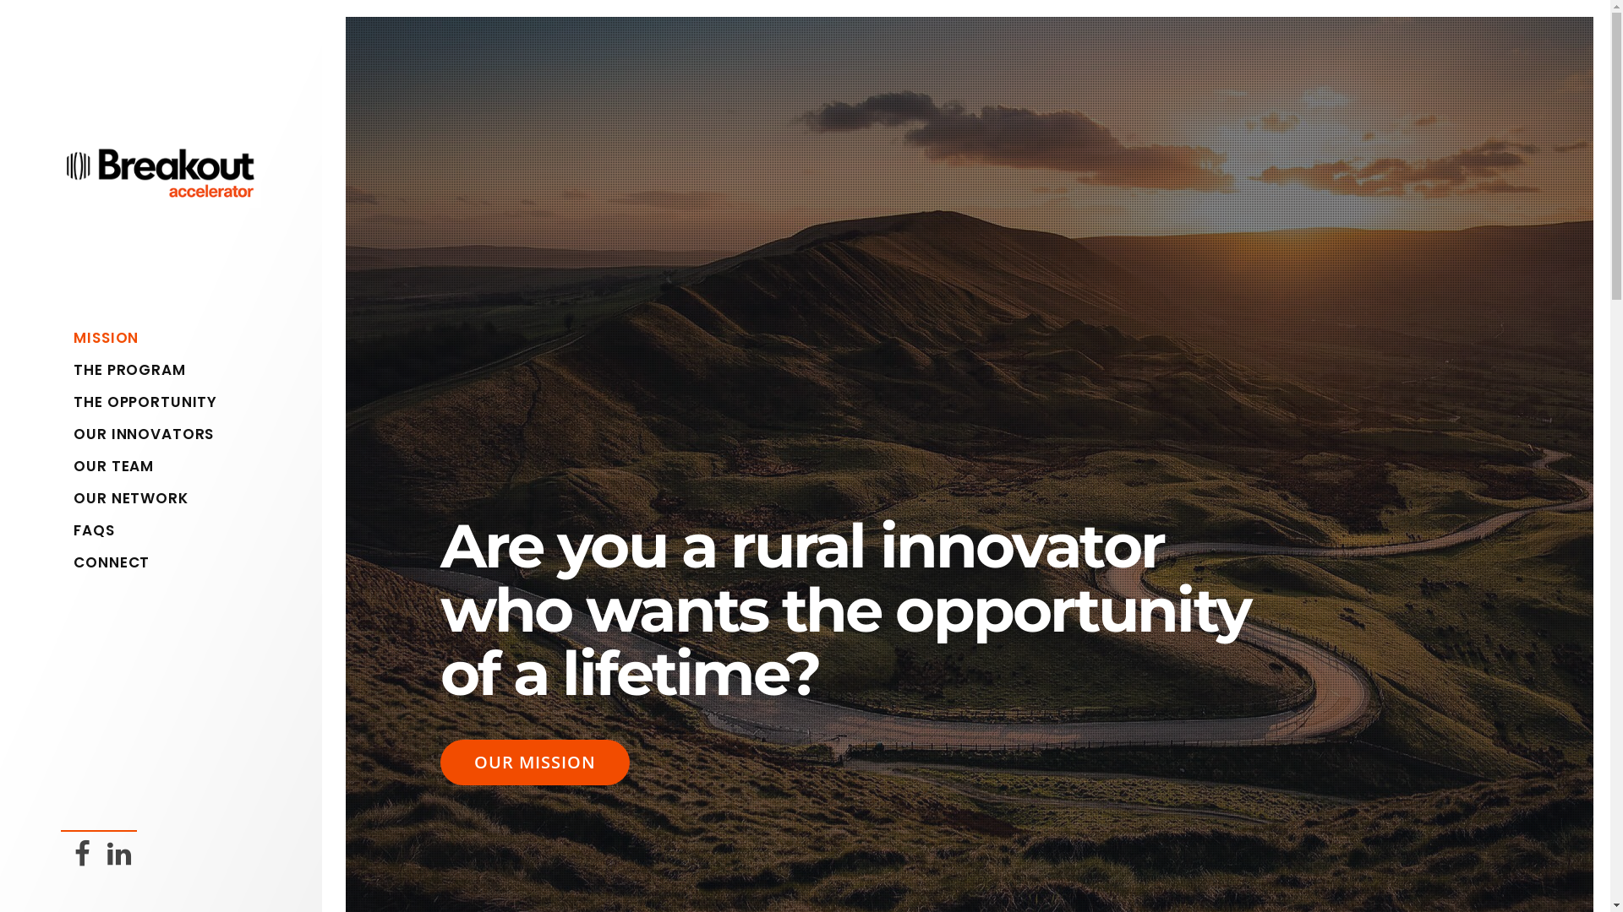 The image size is (1623, 912). What do you see at coordinates (167, 432) in the screenshot?
I see `'OUR INNOVATORS'` at bounding box center [167, 432].